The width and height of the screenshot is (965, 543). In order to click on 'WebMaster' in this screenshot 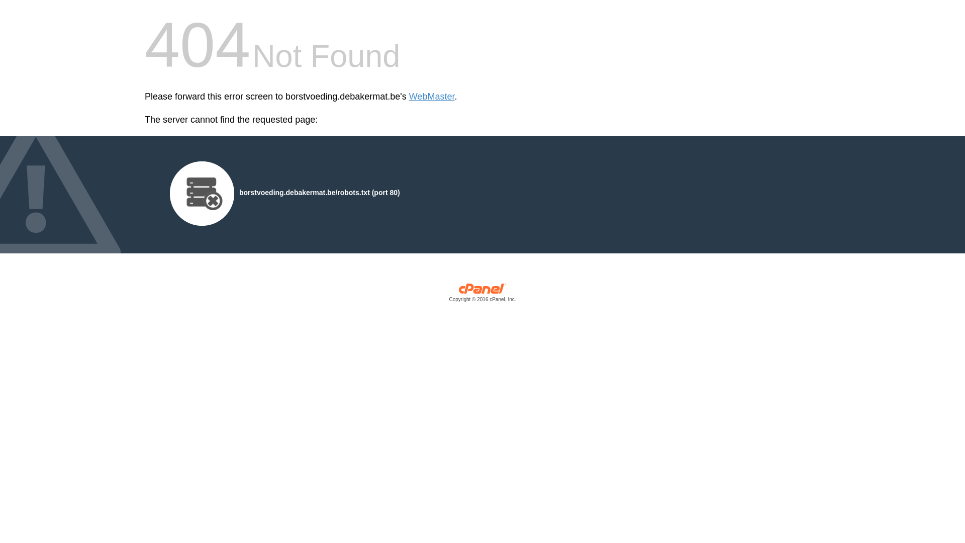, I will do `click(409, 97)`.